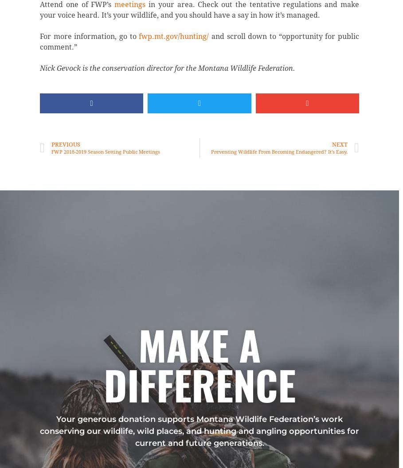 Image resolution: width=403 pixels, height=468 pixels. I want to click on 'and scroll down to “opportunity for public comment.”', so click(199, 41).